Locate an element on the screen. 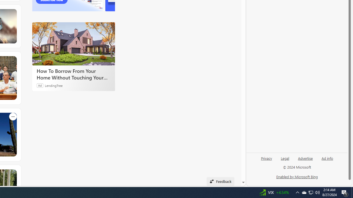  'LendingTree' is located at coordinates (54, 85).